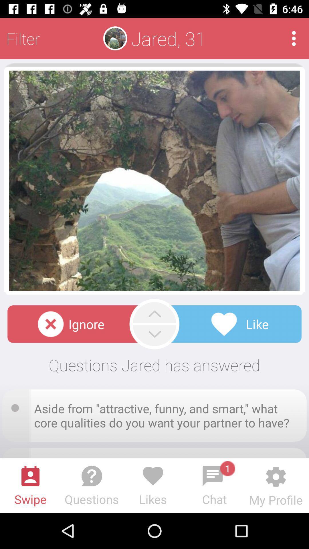 This screenshot has height=549, width=309. What do you see at coordinates (168, 38) in the screenshot?
I see `jared, 31` at bounding box center [168, 38].